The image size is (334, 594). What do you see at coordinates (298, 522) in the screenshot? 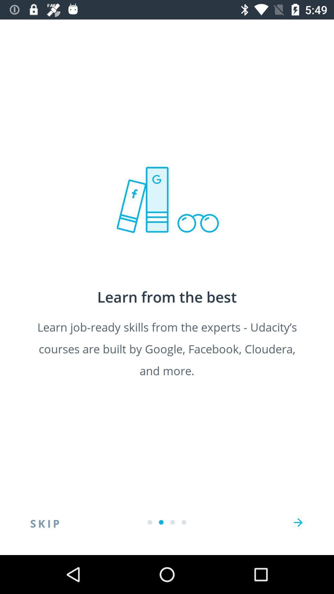
I see `go next page` at bounding box center [298, 522].